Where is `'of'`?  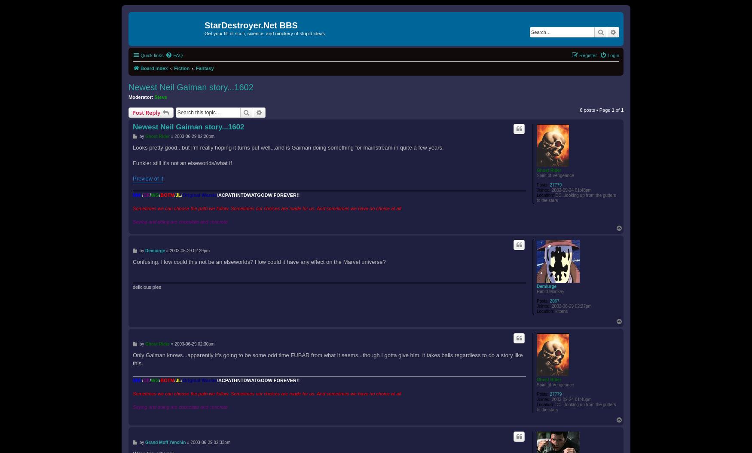
'of' is located at coordinates (614, 109).